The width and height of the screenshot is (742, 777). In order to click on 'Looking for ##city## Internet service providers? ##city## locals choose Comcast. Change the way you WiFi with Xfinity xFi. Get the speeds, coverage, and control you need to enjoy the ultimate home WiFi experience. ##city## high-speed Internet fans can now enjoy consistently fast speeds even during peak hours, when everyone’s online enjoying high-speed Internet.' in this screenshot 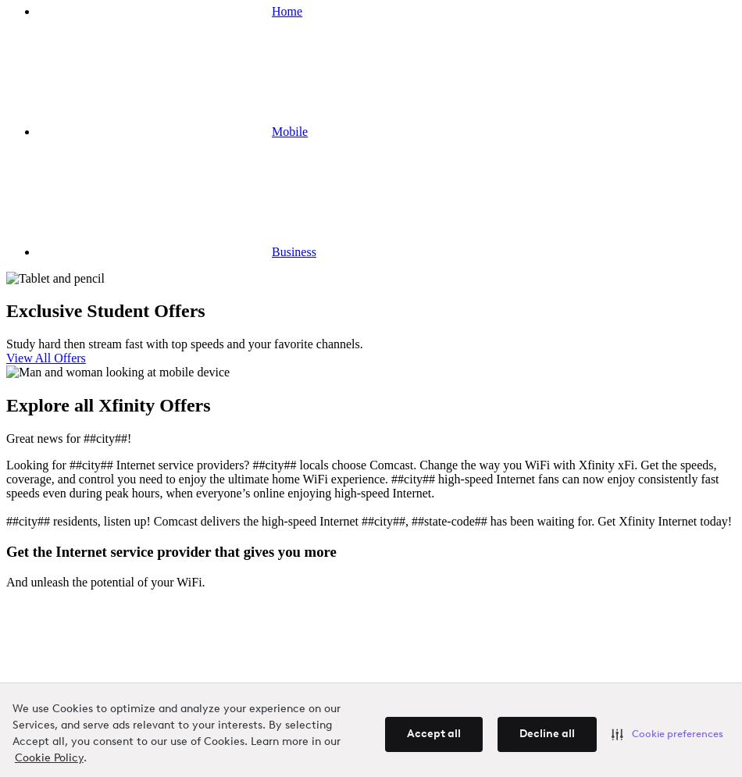, I will do `click(5, 479)`.